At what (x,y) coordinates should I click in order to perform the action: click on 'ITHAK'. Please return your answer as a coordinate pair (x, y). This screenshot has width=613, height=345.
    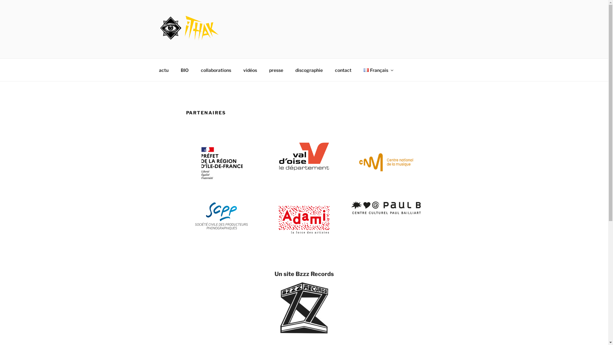
    Looking at the image, I should click on (180, 50).